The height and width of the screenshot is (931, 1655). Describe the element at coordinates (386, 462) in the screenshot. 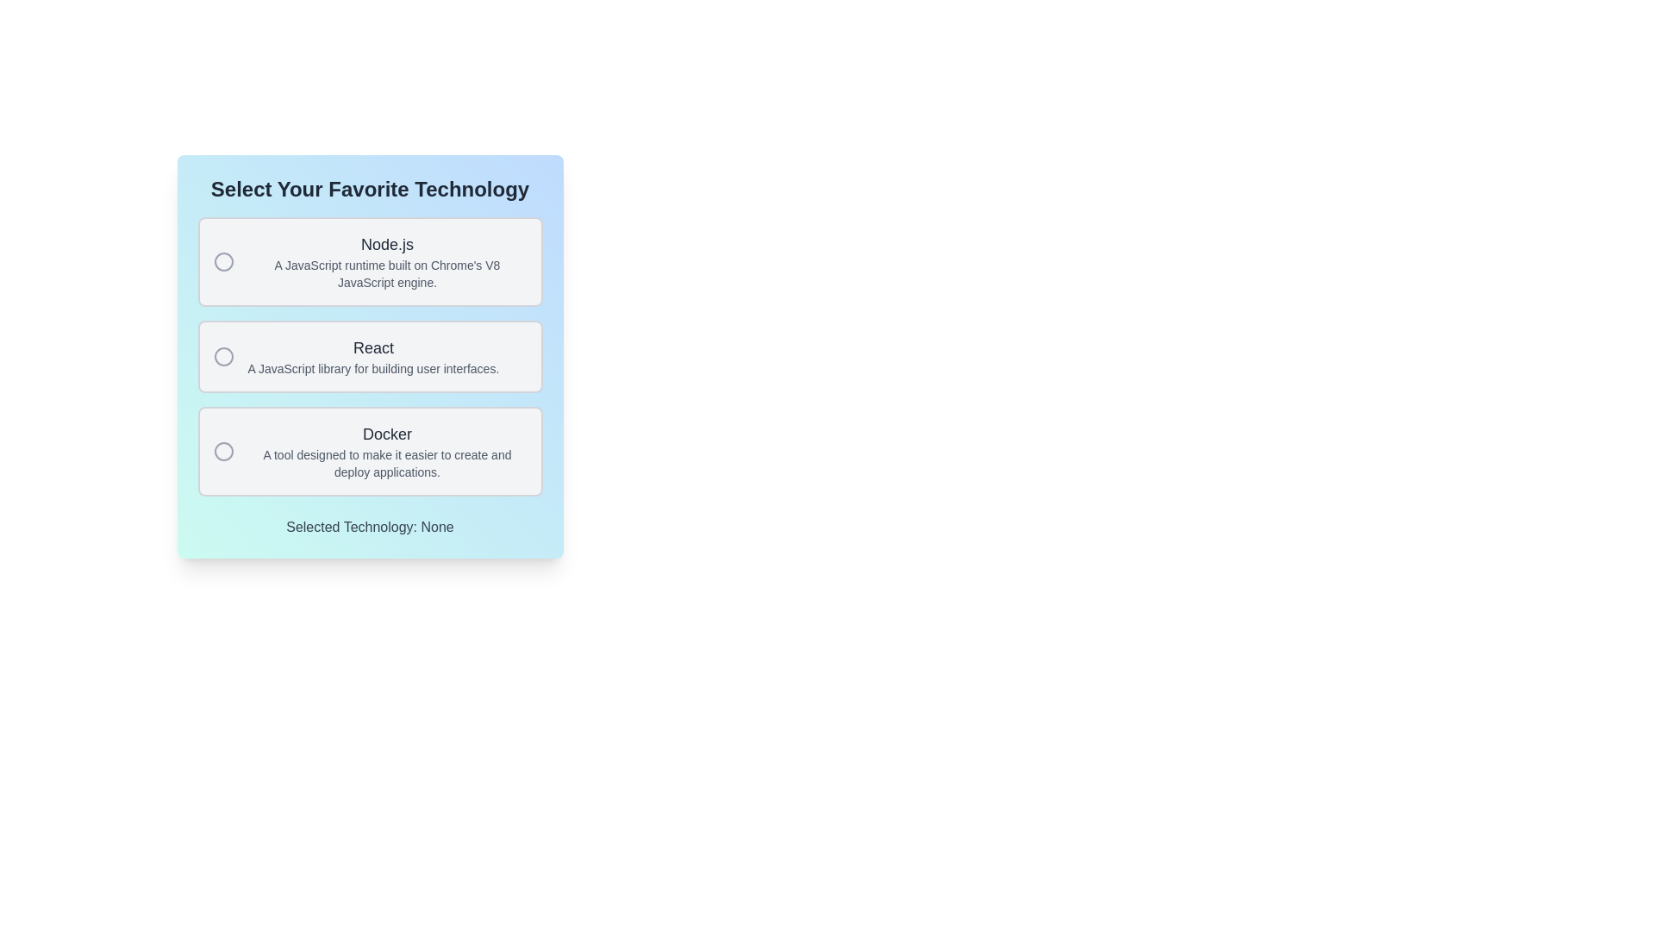

I see `the text label that reads 'A tool designed to make it easier to create and deploy applications.' located below the title 'Docker' within the third option card` at that location.